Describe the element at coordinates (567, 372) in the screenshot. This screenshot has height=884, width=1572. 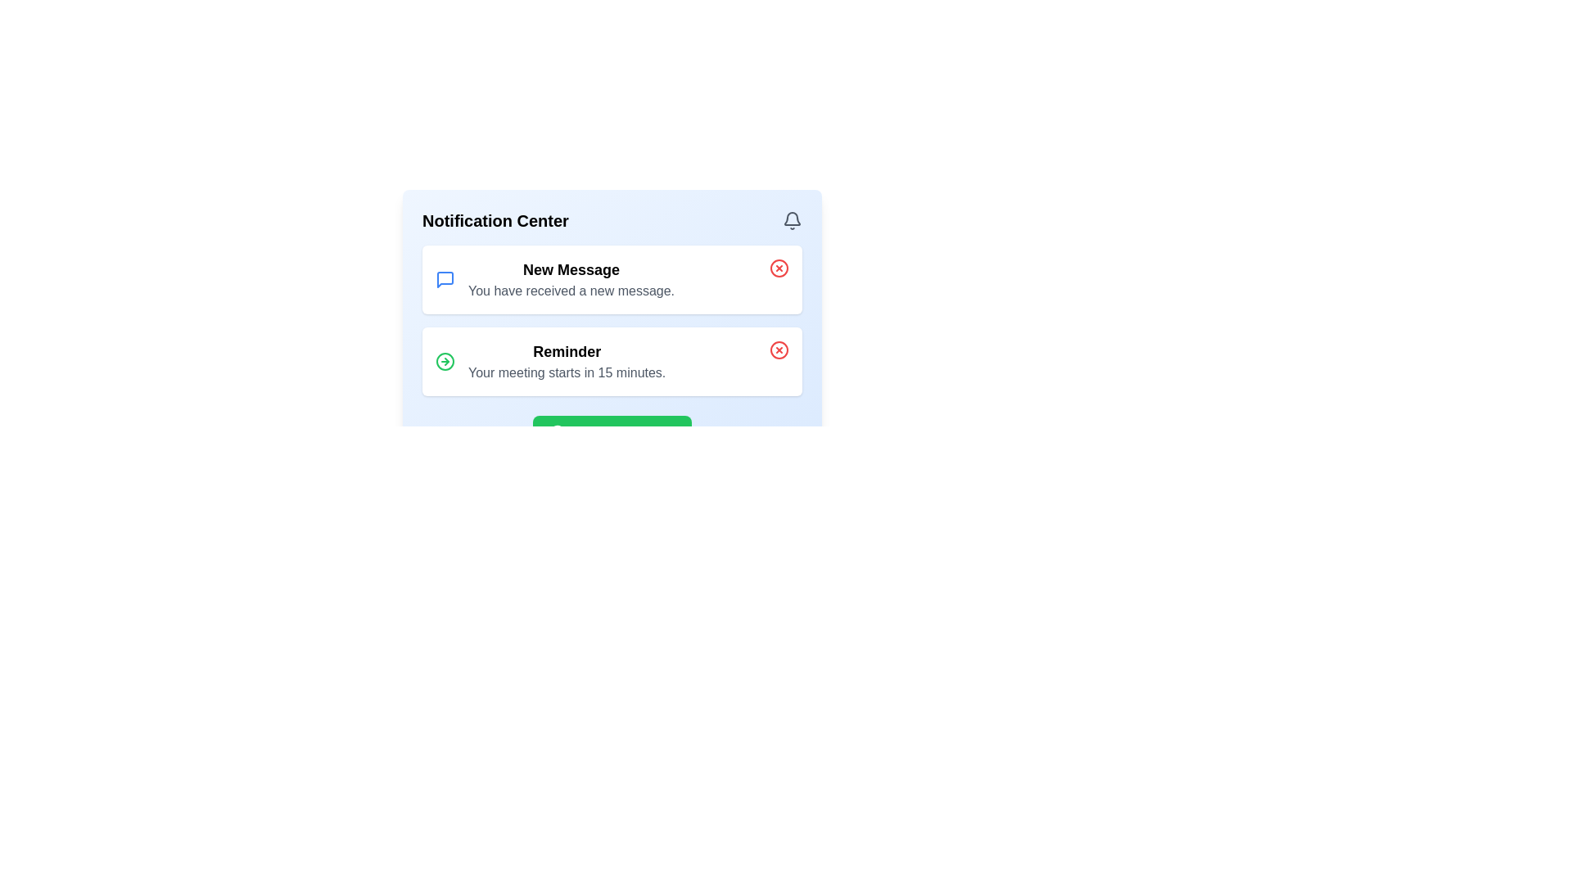
I see `notification content which displays 'Your meeting starts in 15 minutes.' located beneath the bold 'Reminder' text in the notification card` at that location.